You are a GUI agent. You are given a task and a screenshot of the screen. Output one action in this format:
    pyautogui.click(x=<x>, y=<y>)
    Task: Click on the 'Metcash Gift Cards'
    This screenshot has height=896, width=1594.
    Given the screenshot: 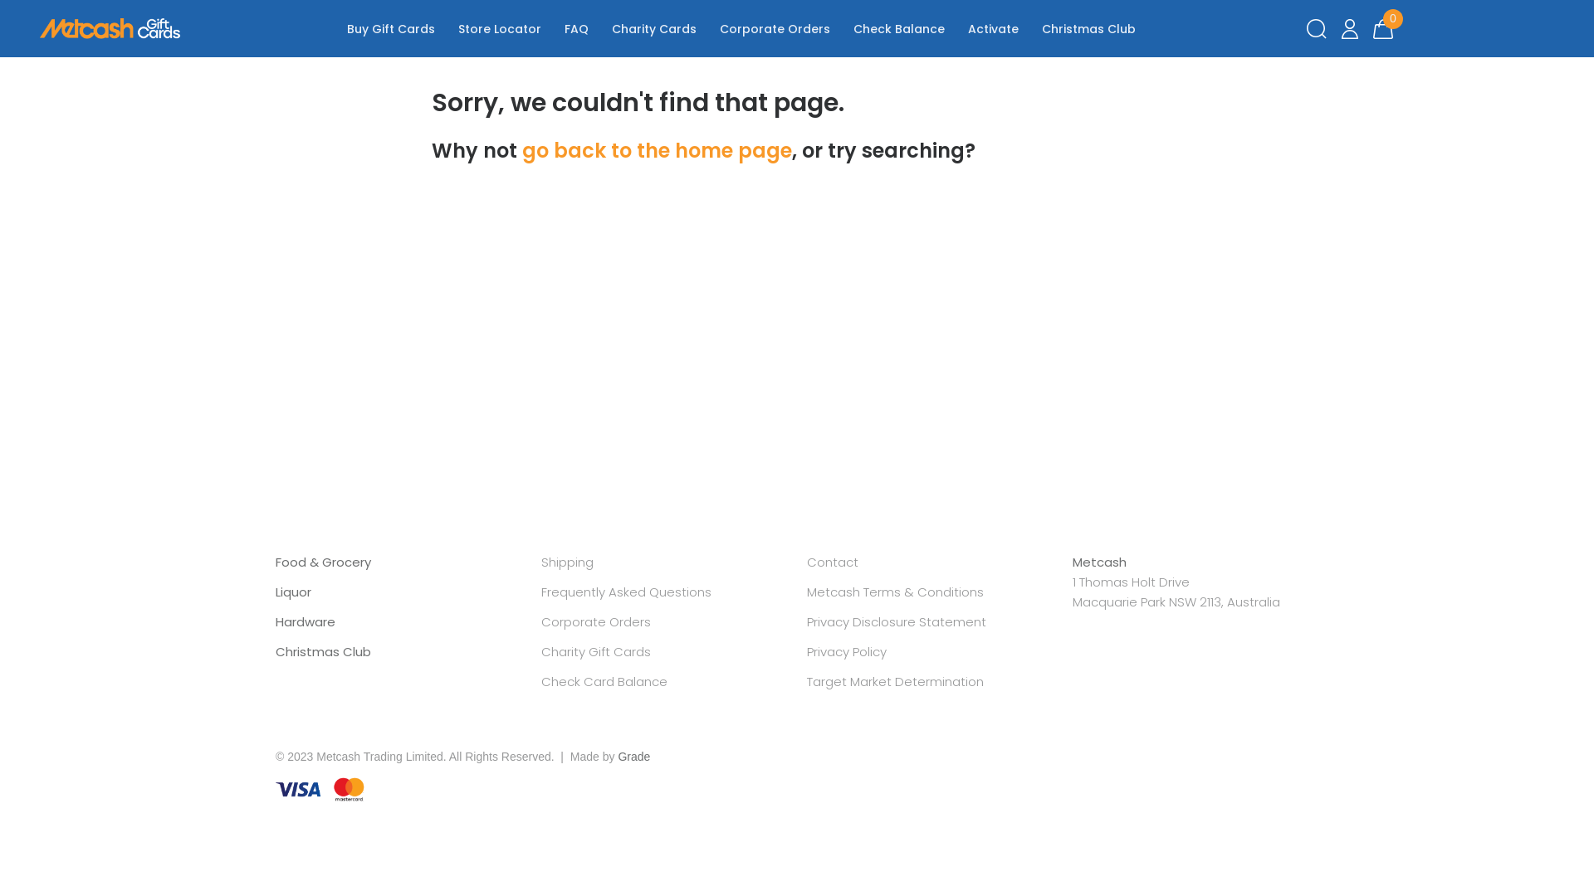 What is the action you would take?
    pyautogui.click(x=110, y=28)
    